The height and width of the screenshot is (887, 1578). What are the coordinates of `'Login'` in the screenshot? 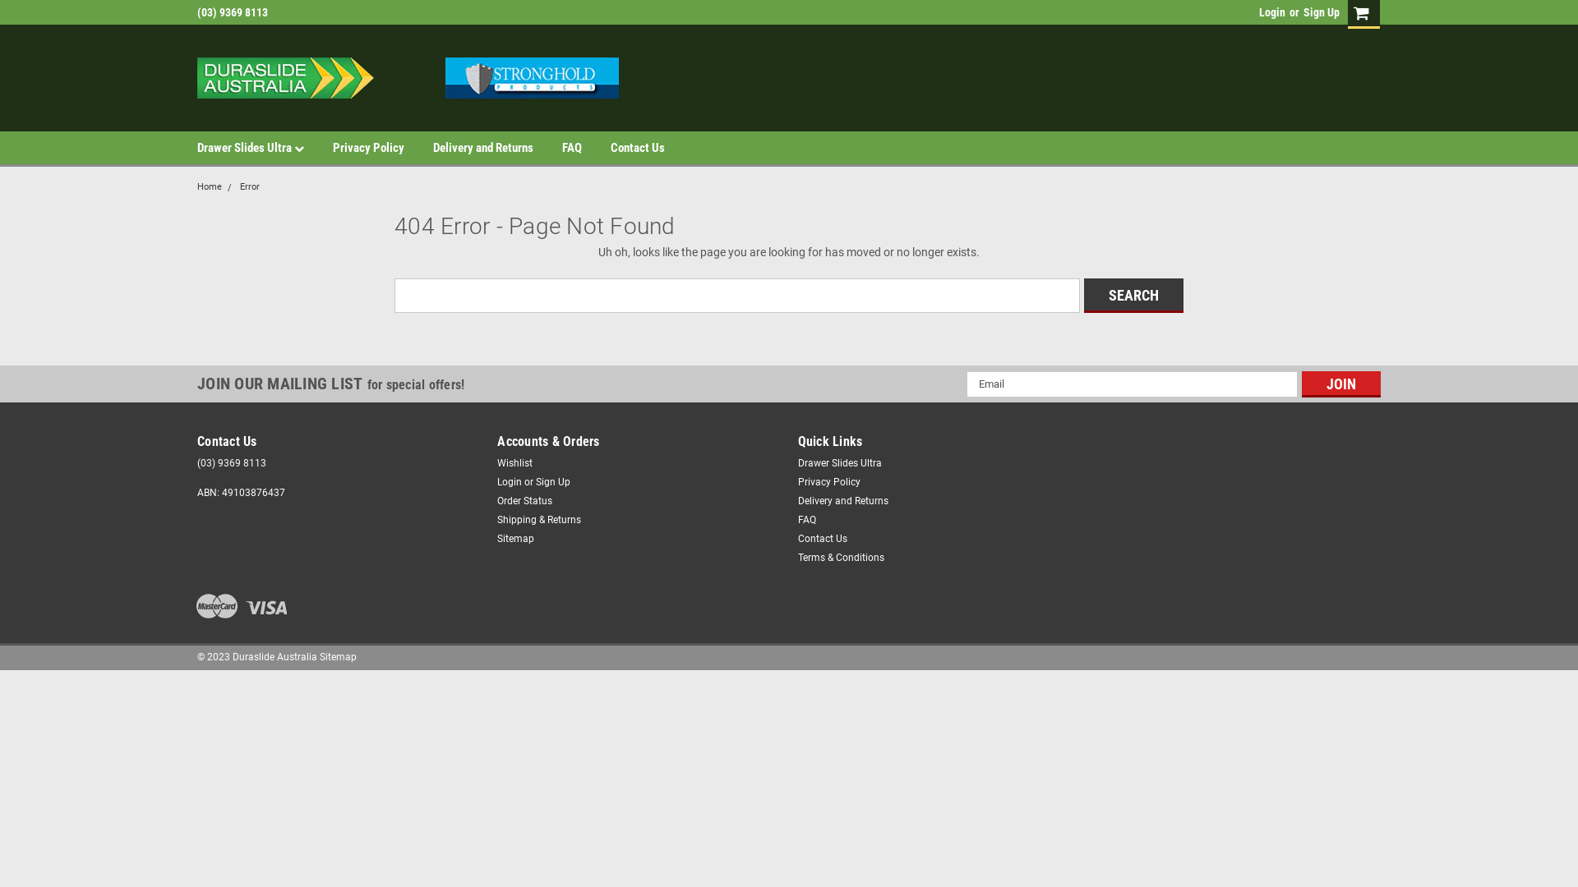 It's located at (1257, 12).